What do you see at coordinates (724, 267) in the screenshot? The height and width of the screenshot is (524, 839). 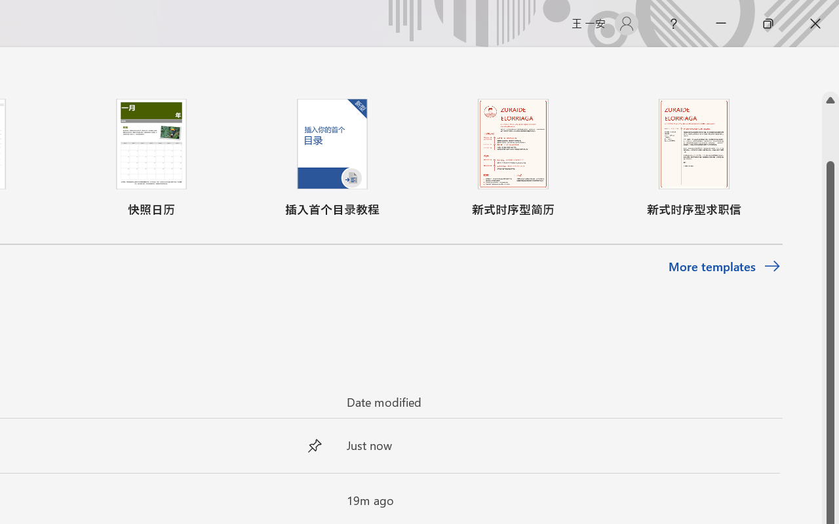 I see `'More templates'` at bounding box center [724, 267].